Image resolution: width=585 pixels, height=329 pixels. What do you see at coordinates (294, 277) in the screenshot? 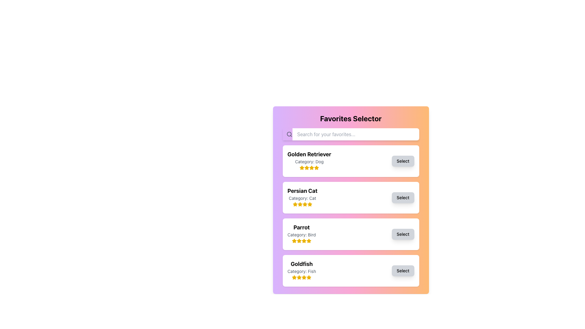
I see `the first star-shaped icon filled with yellow color for rating associated with the 'Goldfish' entry in the list, located to the left of the 'Select' button` at bounding box center [294, 277].